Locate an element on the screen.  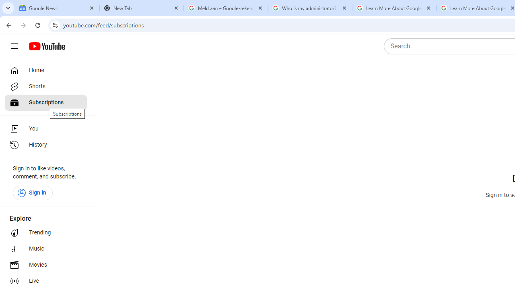
'YouTube Home' is located at coordinates (46, 46).